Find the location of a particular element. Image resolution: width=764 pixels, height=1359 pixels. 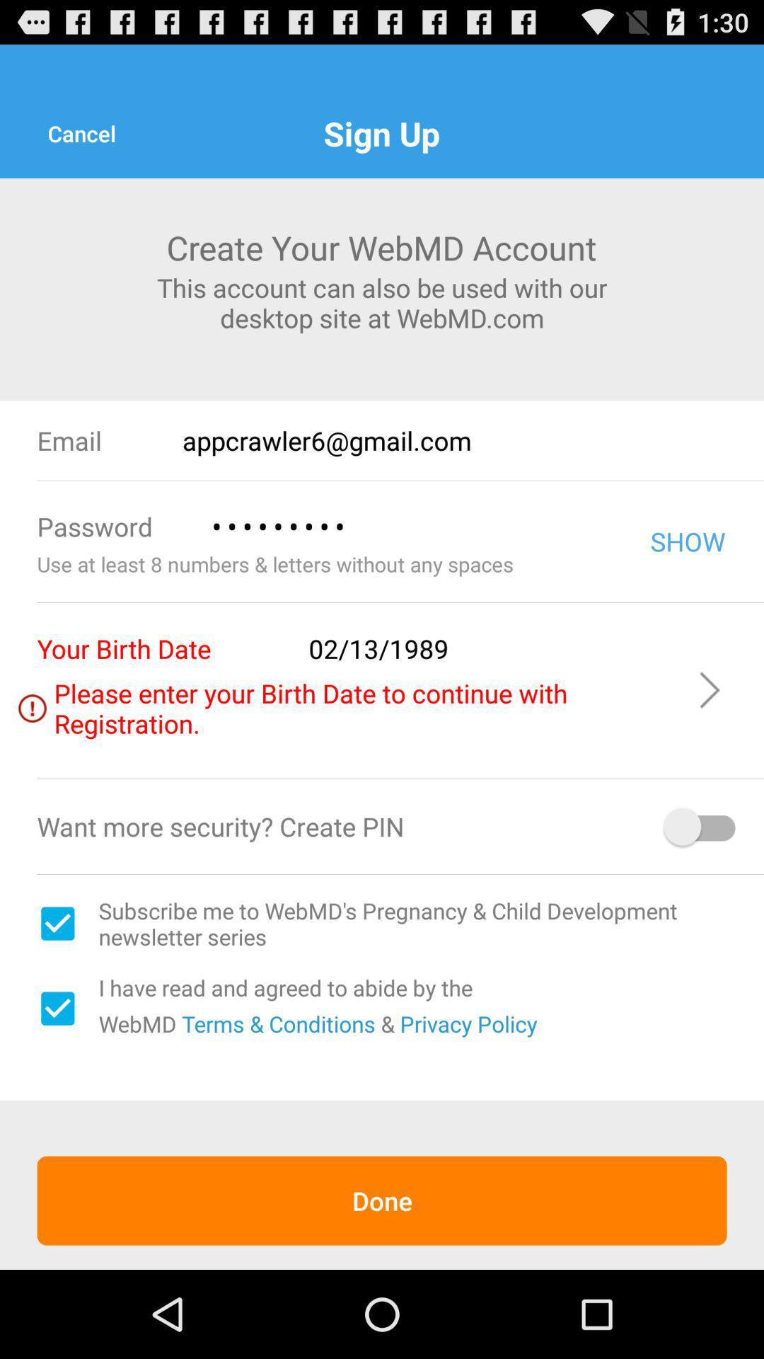

the item to the right of the  &  item is located at coordinates (468, 1023).